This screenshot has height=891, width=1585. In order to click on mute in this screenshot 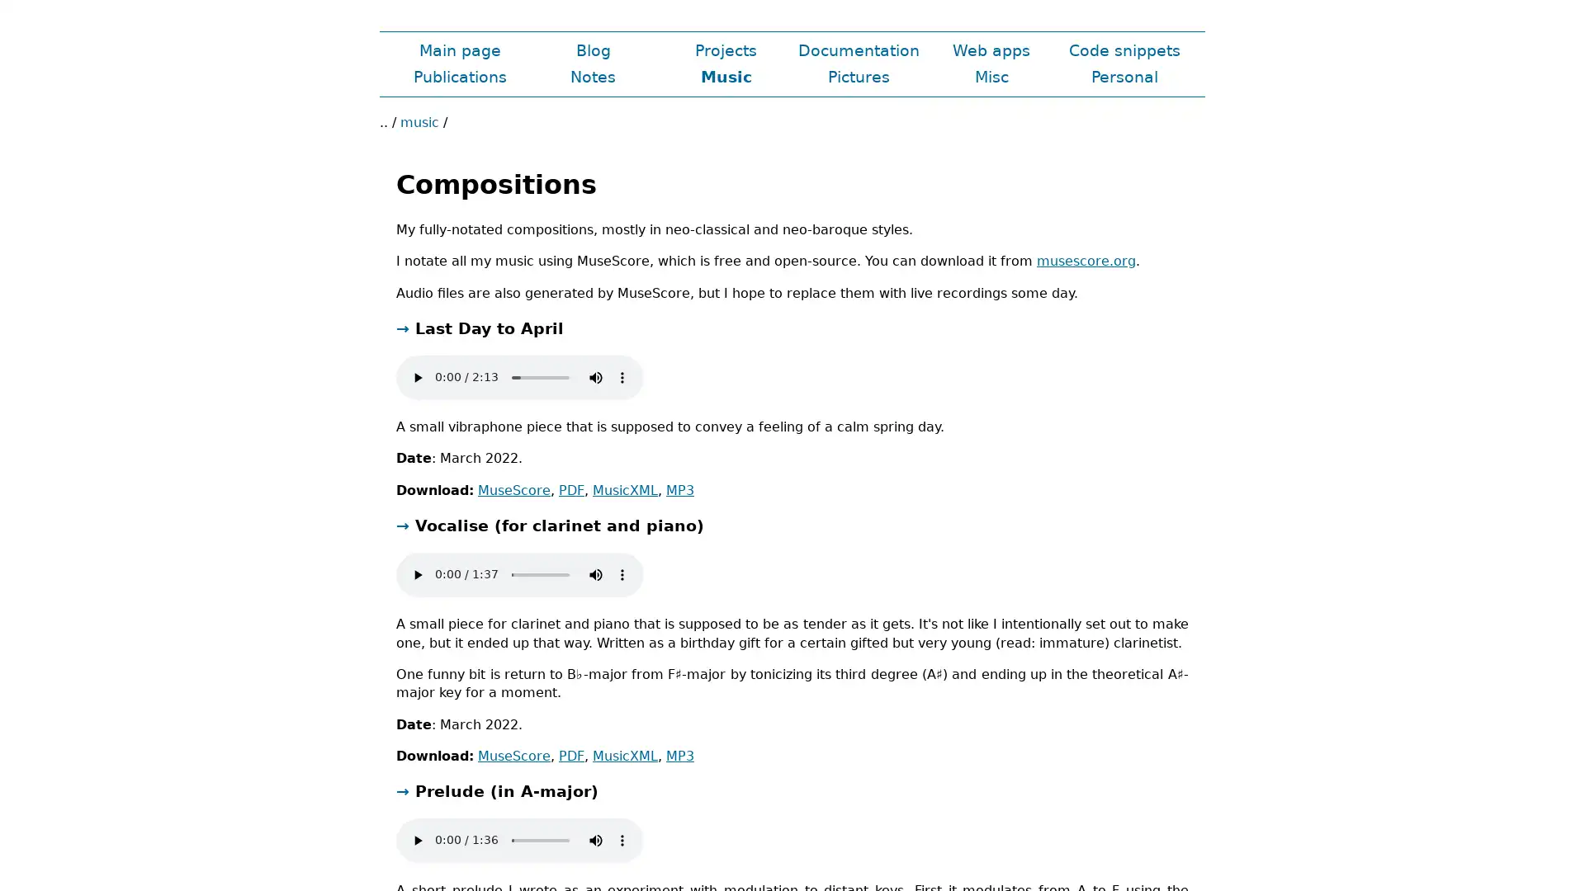, I will do `click(594, 376)`.